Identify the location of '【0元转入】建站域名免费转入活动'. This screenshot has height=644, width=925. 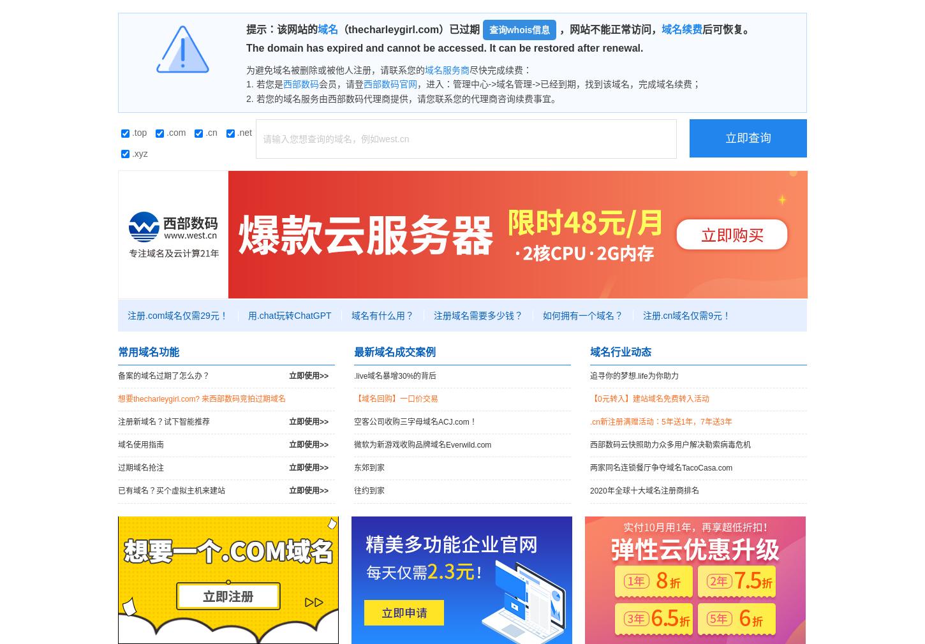
(589, 397).